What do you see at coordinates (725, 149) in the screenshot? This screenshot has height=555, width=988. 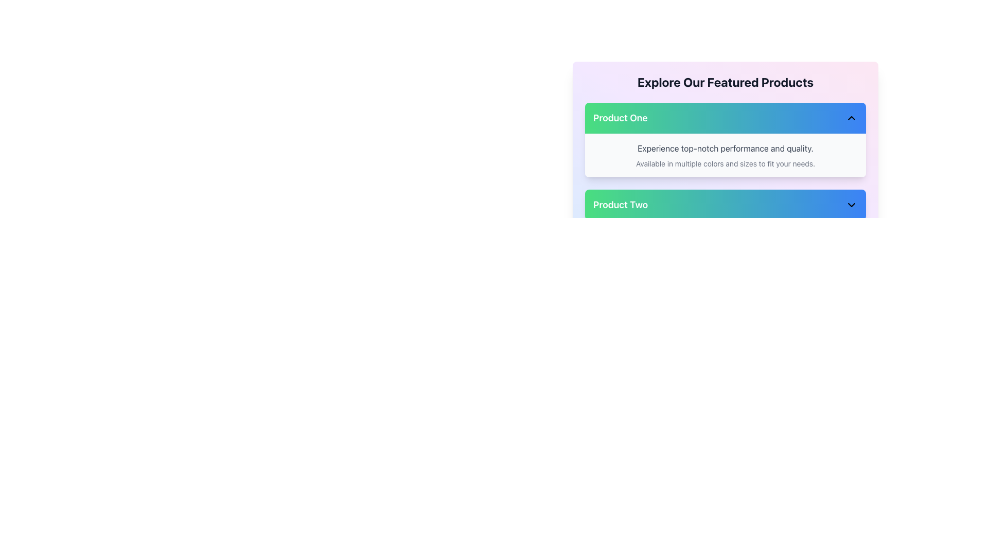 I see `descriptive text located beneath the 'Product One' section header, which highlights the features and quality of the product` at bounding box center [725, 149].